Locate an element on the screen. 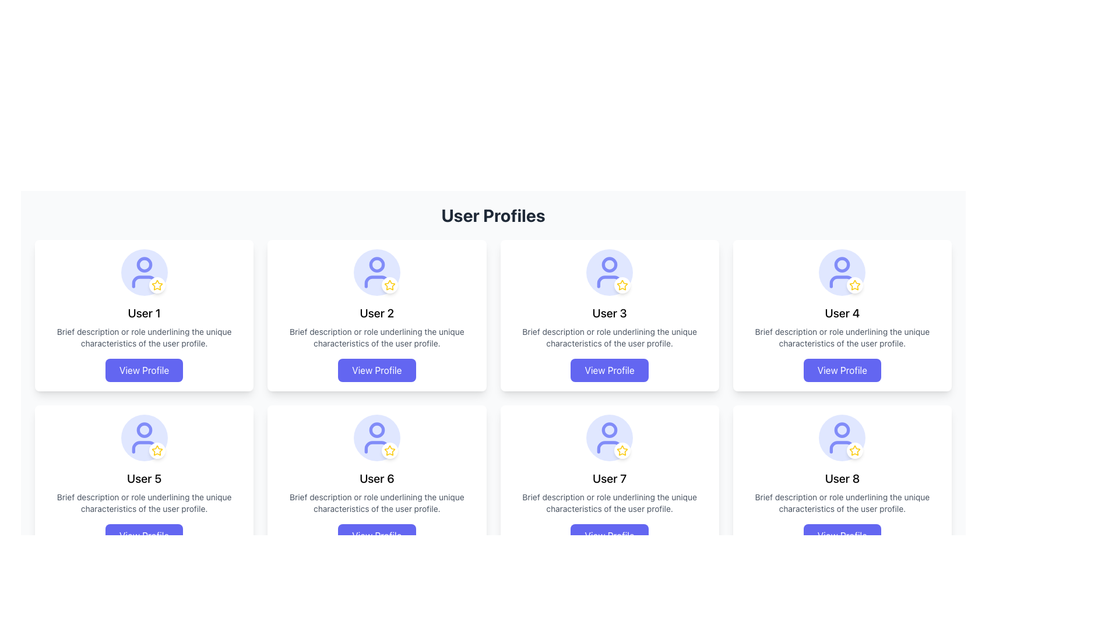 Image resolution: width=1119 pixels, height=629 pixels. the button located in the 'User 4' card in the User Profiles grid layout is located at coordinates (842, 370).